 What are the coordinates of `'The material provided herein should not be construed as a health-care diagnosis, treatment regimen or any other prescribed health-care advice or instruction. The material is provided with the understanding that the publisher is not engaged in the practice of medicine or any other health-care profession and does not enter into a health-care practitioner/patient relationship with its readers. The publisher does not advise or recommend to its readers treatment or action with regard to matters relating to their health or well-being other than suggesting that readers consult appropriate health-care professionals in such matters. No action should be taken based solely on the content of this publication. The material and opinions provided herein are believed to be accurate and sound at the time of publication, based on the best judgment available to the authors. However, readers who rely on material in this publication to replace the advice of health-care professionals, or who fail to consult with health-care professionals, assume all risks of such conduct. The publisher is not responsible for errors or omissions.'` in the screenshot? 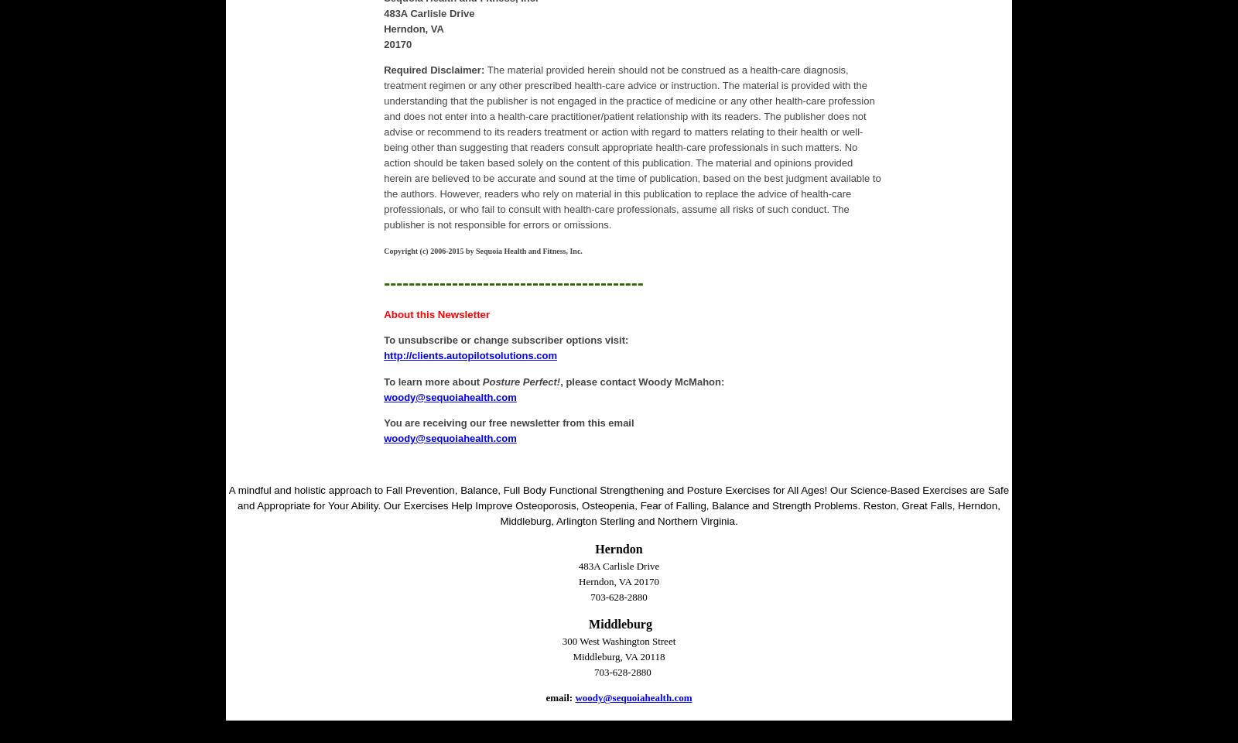 It's located at (631, 147).